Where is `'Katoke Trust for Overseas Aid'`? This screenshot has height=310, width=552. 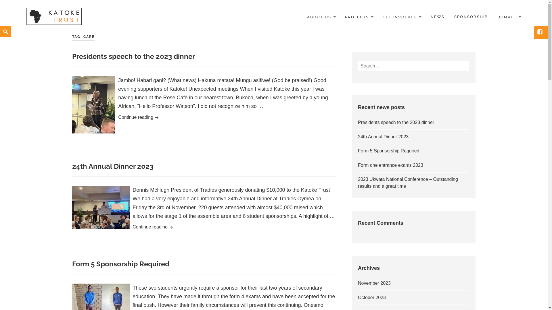 'Katoke Trust for Overseas Aid' is located at coordinates (23, 16).